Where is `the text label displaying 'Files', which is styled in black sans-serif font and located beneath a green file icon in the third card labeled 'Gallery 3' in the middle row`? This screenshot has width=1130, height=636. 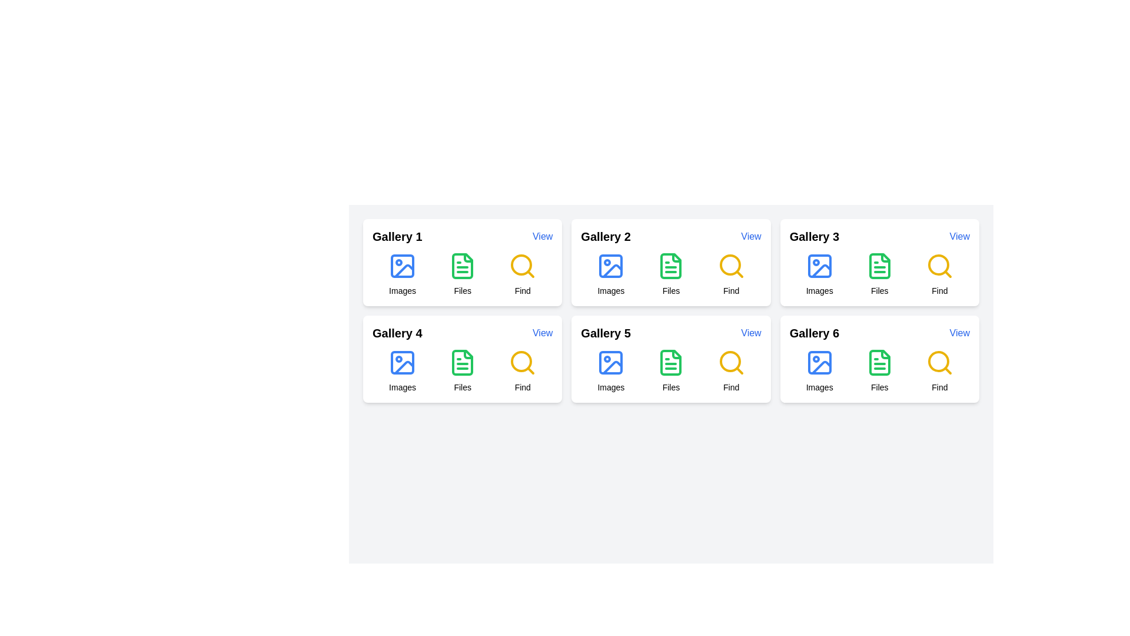
the text label displaying 'Files', which is styled in black sans-serif font and located beneath a green file icon in the third card labeled 'Gallery 3' in the middle row is located at coordinates (879, 290).